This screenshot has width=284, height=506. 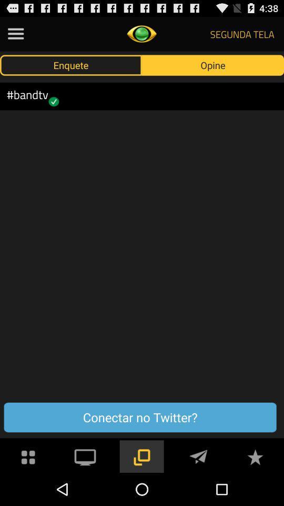 What do you see at coordinates (198, 455) in the screenshot?
I see `send an email` at bounding box center [198, 455].